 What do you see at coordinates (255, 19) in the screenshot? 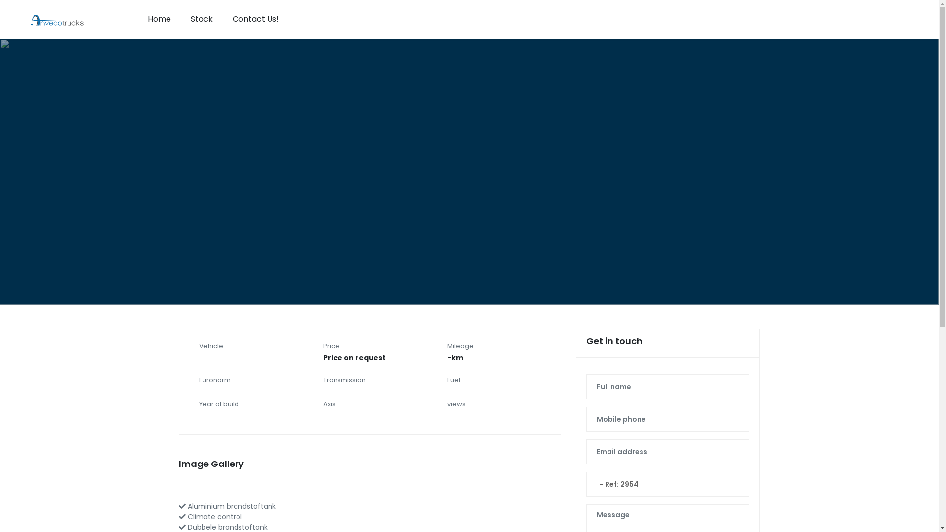
I see `'Contact Us!'` at bounding box center [255, 19].